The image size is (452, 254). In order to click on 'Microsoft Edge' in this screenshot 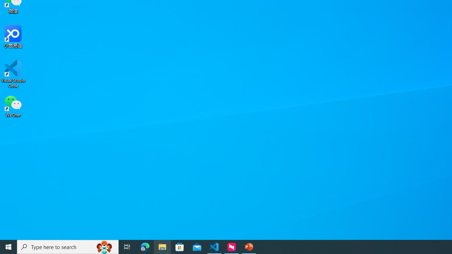, I will do `click(145, 246)`.